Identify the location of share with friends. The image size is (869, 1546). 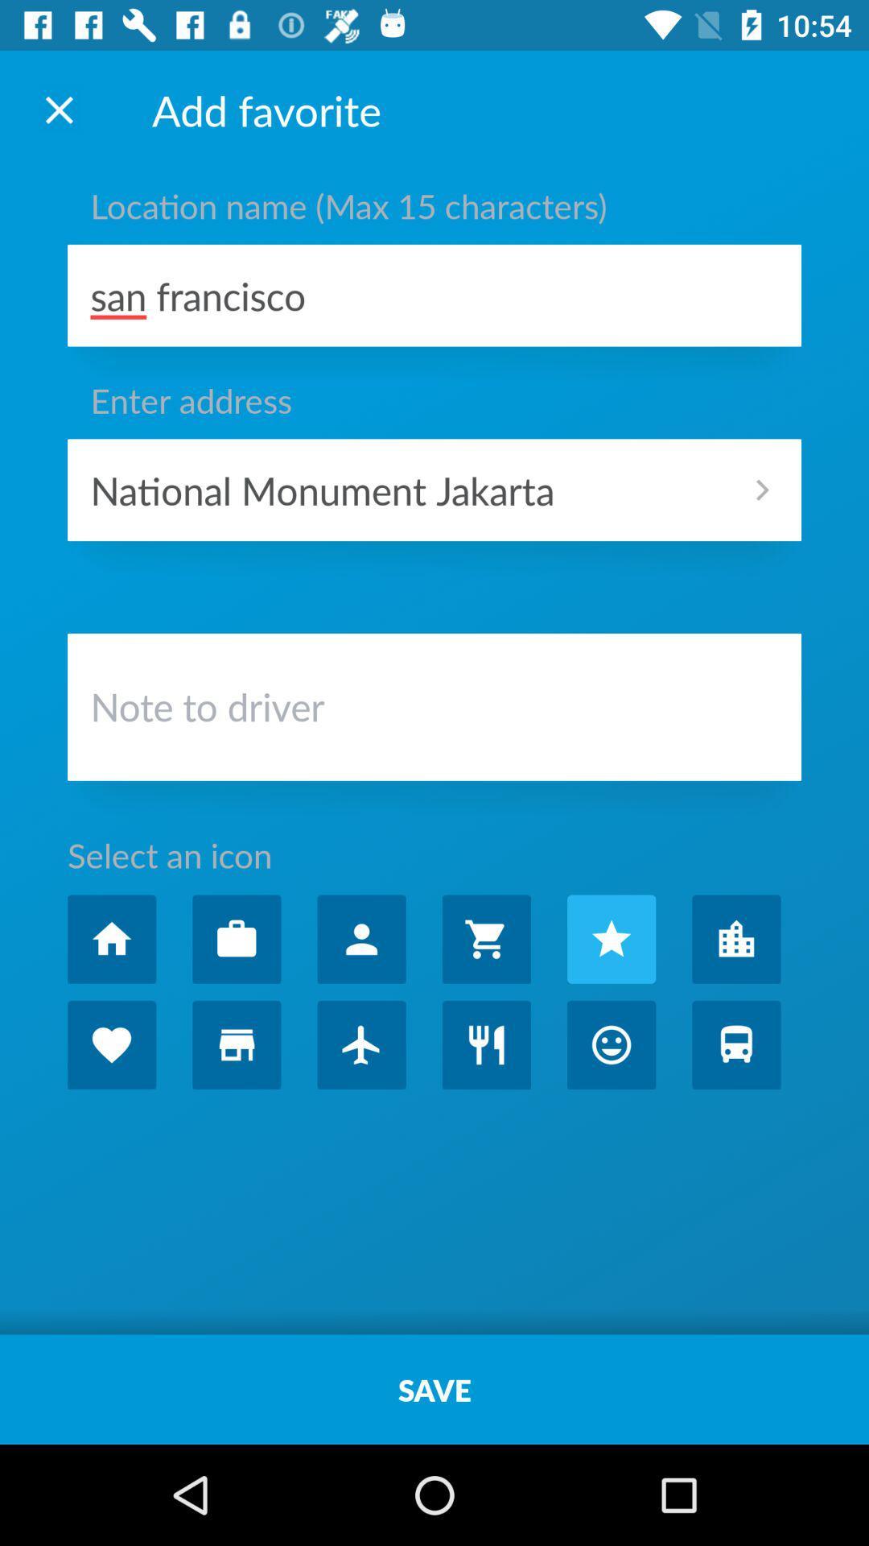
(360, 939).